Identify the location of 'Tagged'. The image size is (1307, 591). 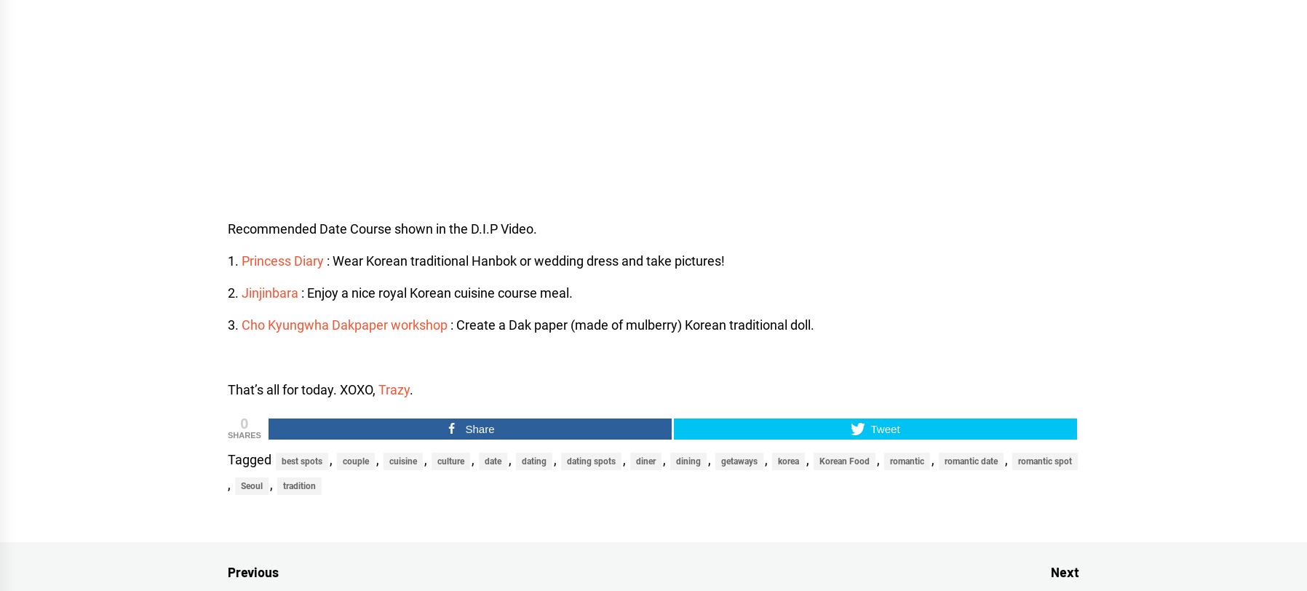
(251, 459).